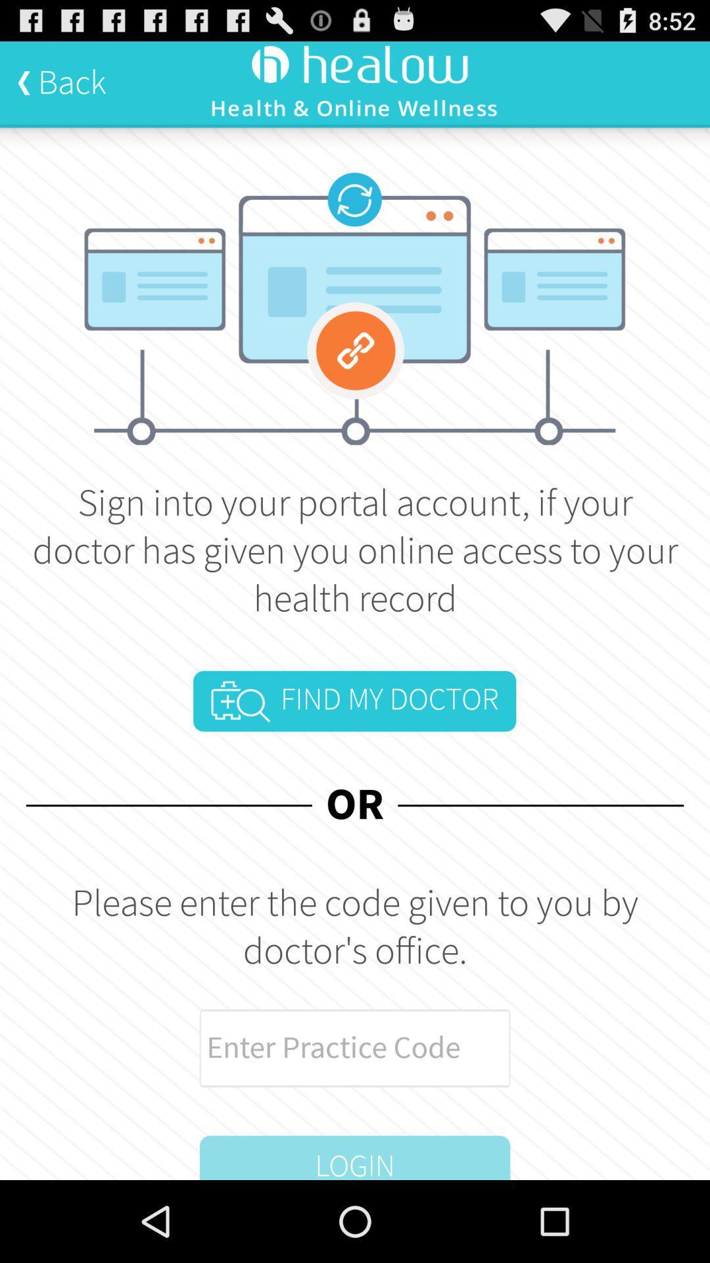  Describe the element at coordinates (354, 701) in the screenshot. I see `the item below the sign into your` at that location.